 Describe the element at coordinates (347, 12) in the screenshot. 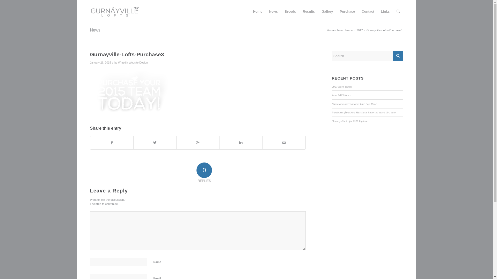

I see `'Purchase'` at that location.